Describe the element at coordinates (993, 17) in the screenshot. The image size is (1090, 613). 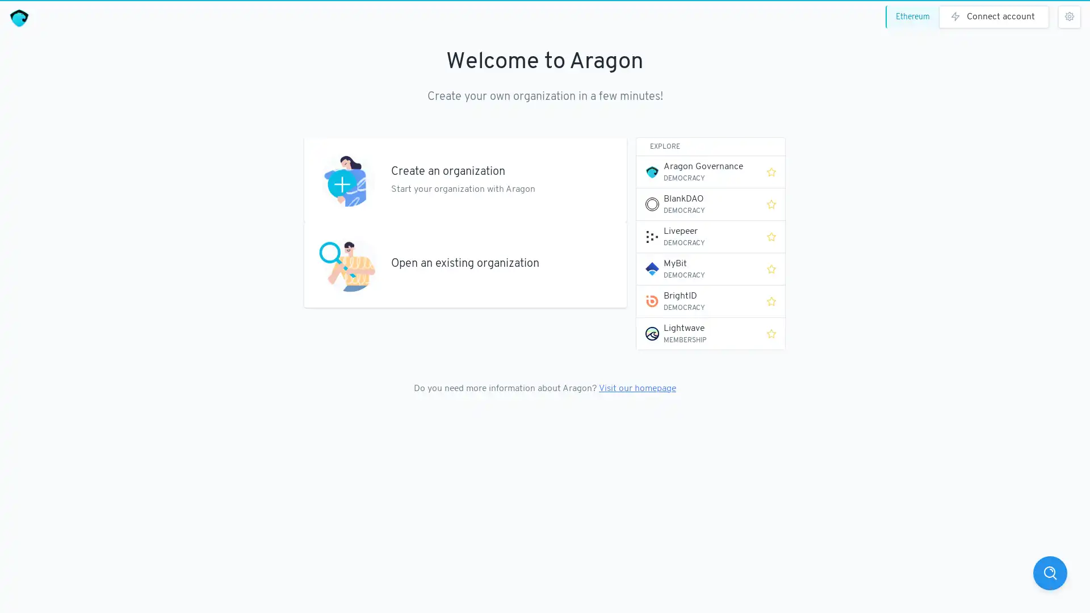
I see `Connect account` at that location.